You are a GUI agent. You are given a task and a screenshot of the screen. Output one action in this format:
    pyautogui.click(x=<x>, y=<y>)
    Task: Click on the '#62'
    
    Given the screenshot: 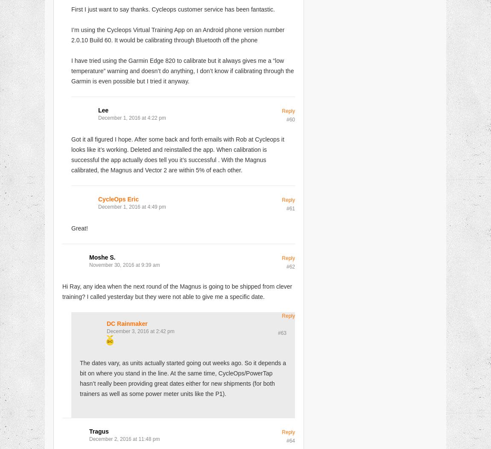 What is the action you would take?
    pyautogui.click(x=290, y=266)
    